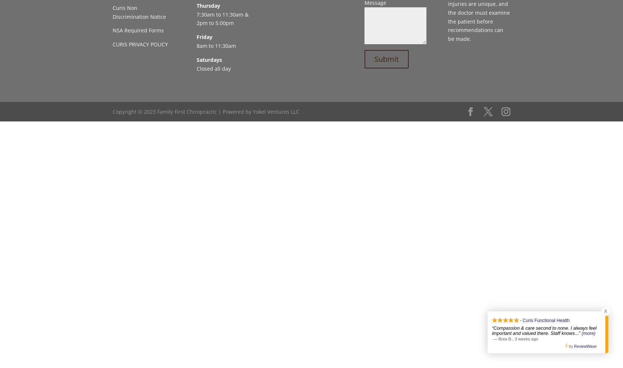  I want to click on ',', so click(513, 339).